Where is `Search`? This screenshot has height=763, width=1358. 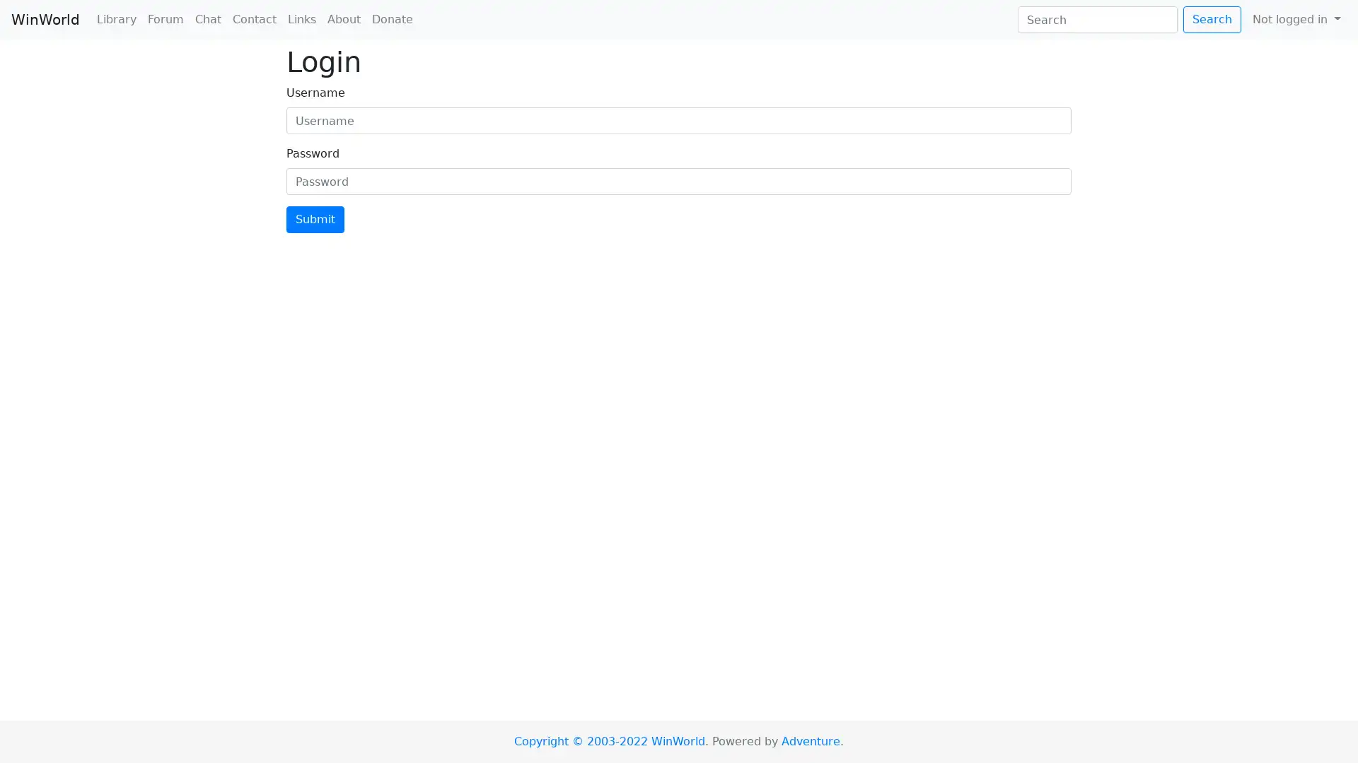
Search is located at coordinates (1211, 19).